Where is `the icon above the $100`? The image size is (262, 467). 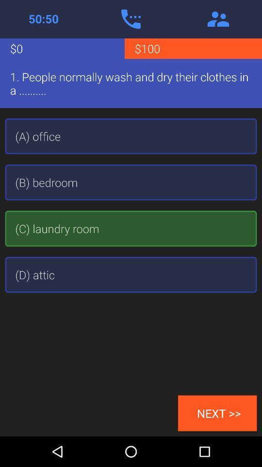
the icon above the $100 is located at coordinates (218, 18).